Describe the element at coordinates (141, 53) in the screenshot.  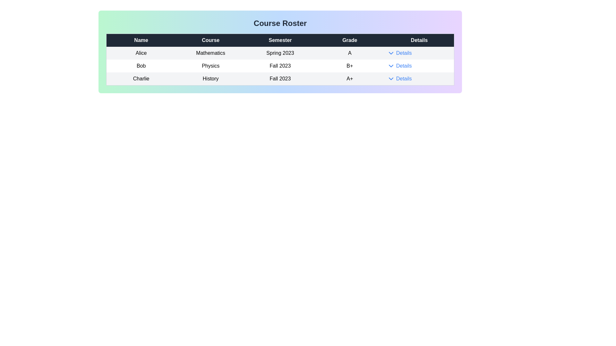
I see `the text label displaying the name 'Alice', which is located in the first row of a table under the 'Name' column` at that location.